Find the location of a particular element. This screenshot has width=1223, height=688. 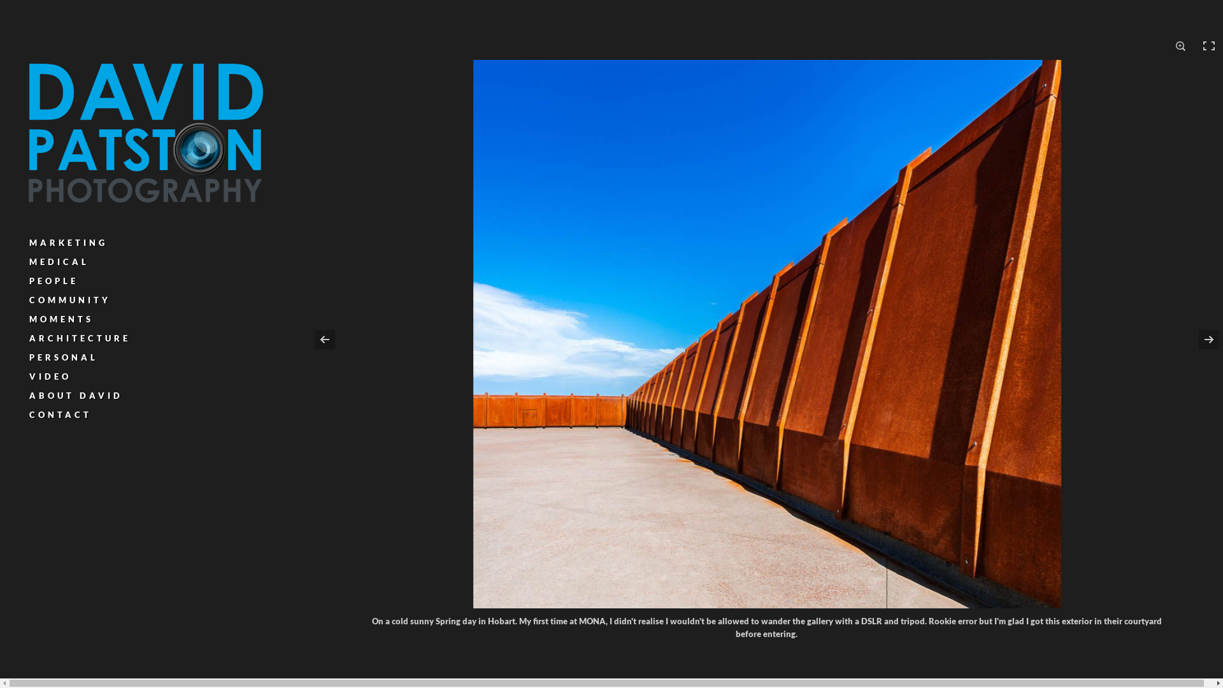

'PEOPLE' is located at coordinates (53, 280).